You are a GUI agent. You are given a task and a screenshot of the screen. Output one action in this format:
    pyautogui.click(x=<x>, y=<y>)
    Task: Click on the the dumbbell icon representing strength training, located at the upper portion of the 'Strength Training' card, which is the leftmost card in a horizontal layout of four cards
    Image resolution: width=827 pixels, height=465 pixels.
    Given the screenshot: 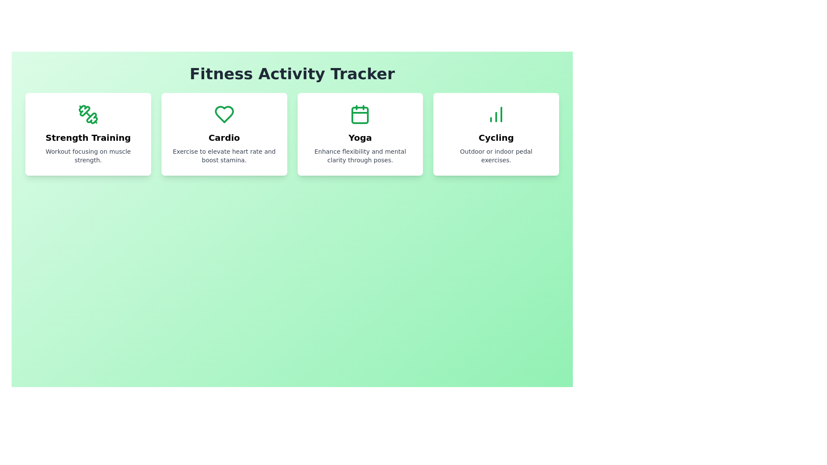 What is the action you would take?
    pyautogui.click(x=88, y=114)
    